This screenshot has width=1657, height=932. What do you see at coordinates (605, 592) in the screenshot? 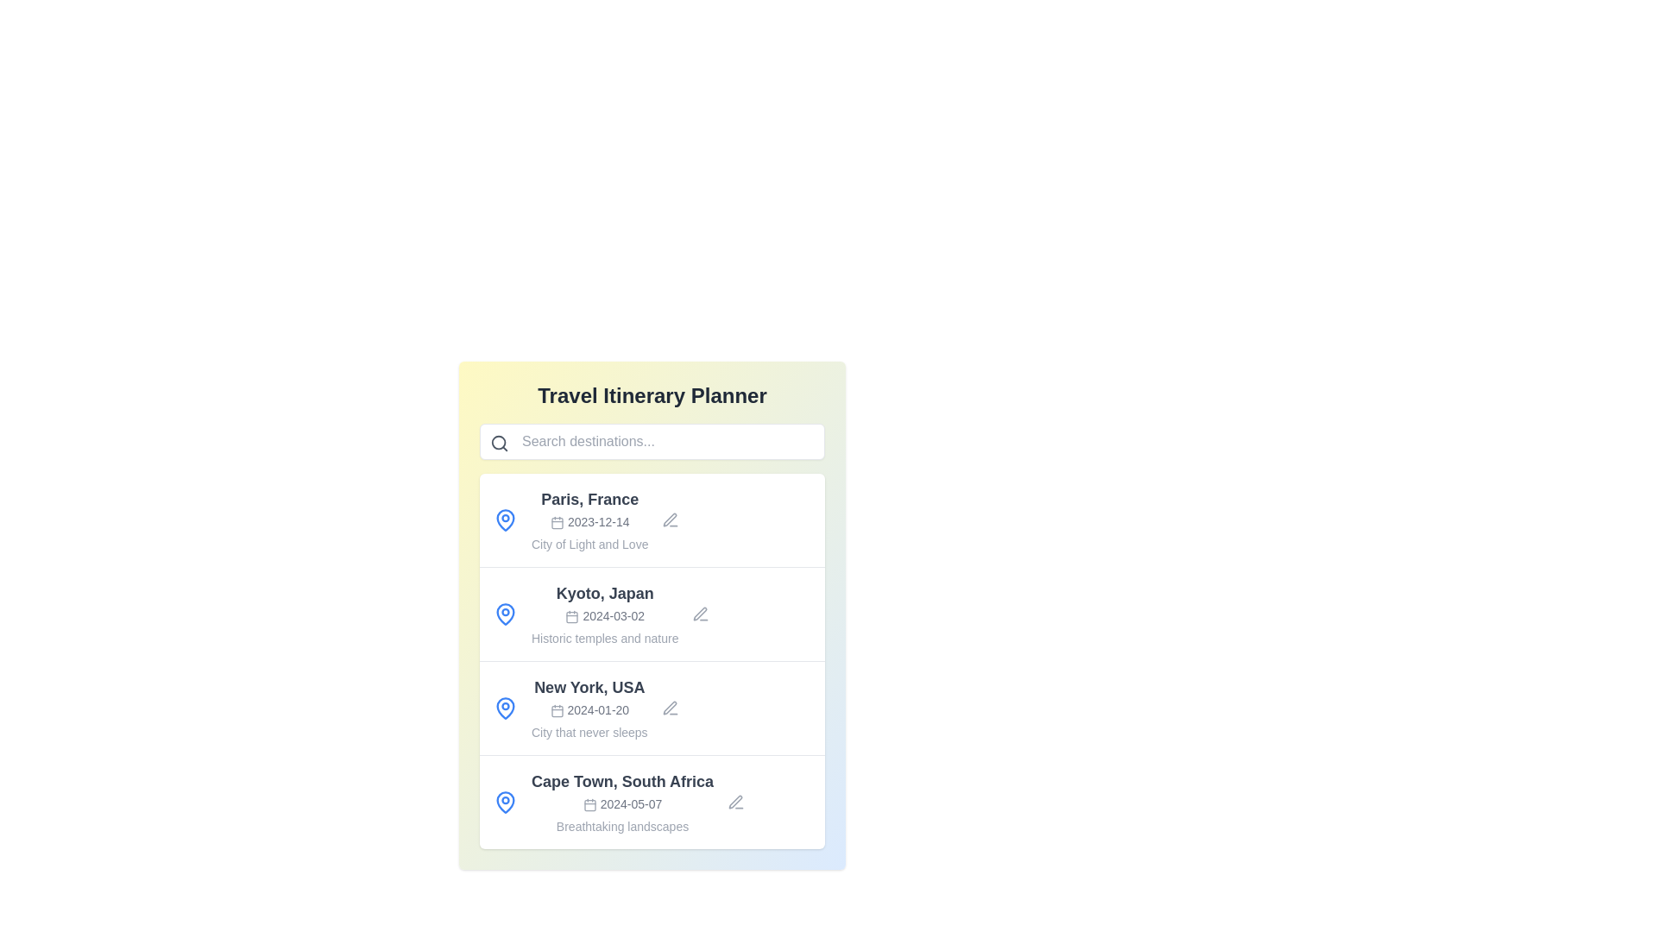
I see `the text label displaying 'Kyoto, Japan', which is styled in a bold, large font and is clearly visible in dark gray, positioned above the text '2024-03-02' and 'Historic temples and nature'` at bounding box center [605, 592].